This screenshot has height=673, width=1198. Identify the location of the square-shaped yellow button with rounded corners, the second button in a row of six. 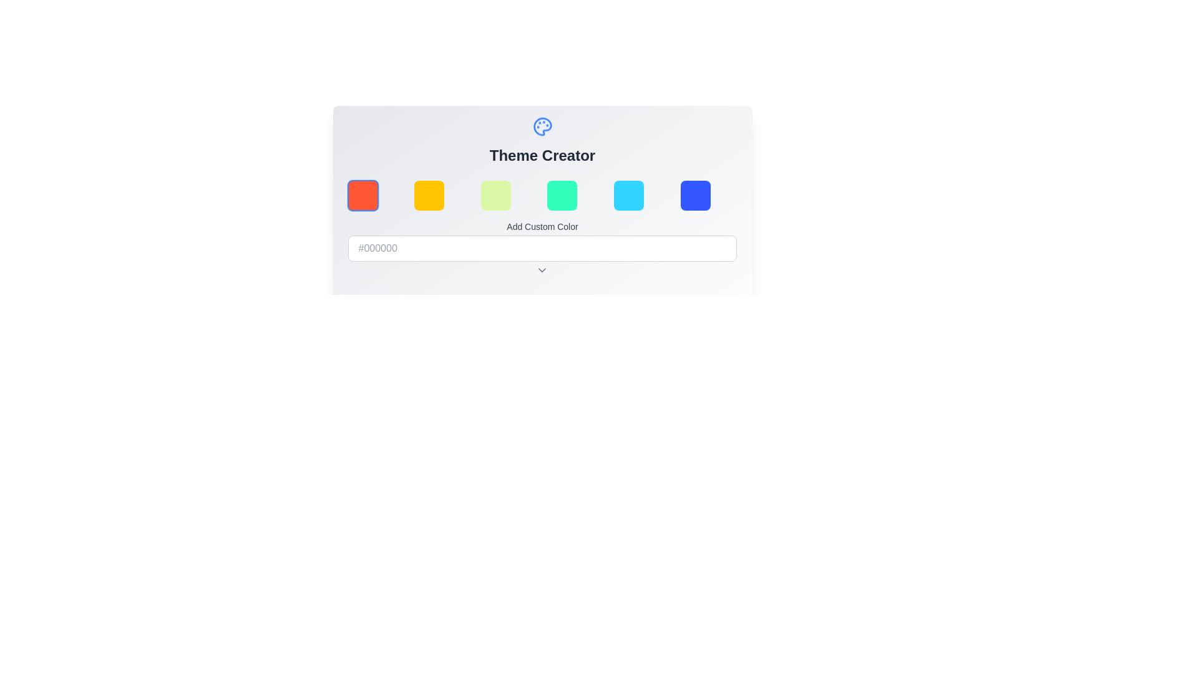
(429, 195).